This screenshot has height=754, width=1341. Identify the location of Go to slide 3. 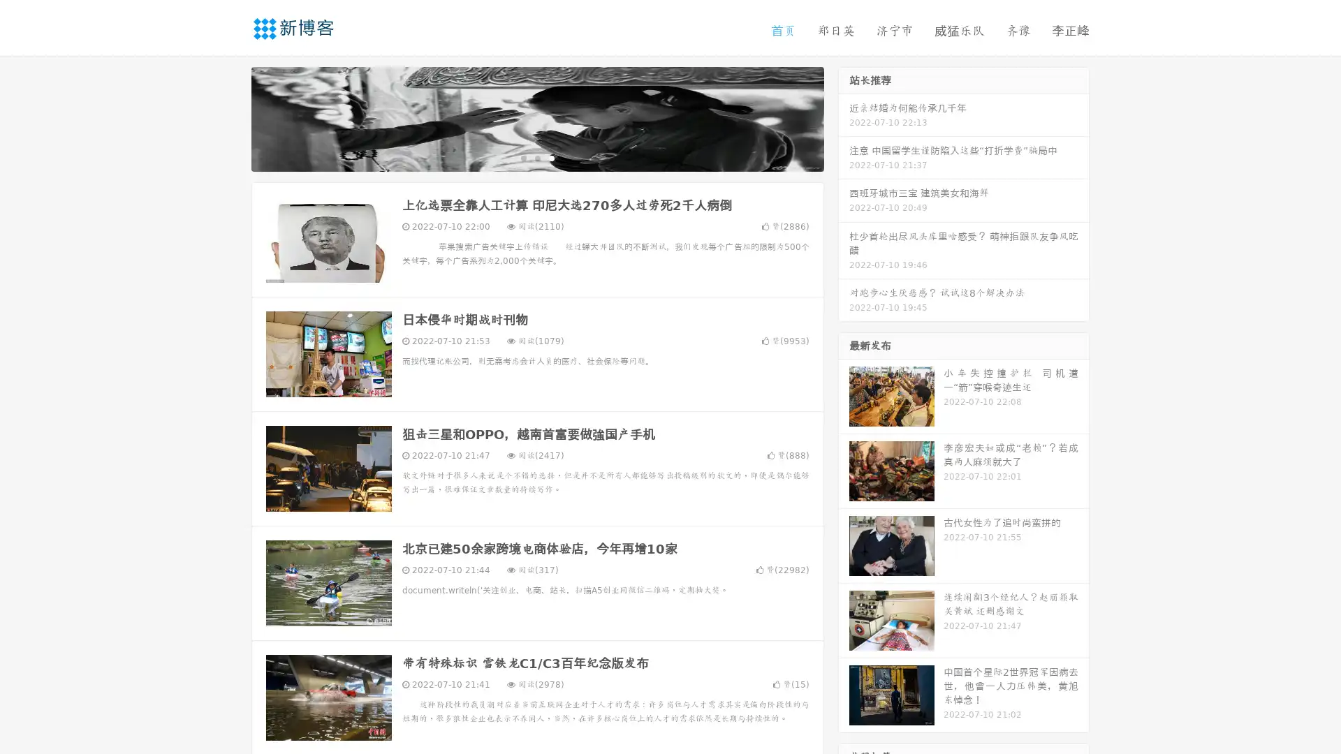
(551, 157).